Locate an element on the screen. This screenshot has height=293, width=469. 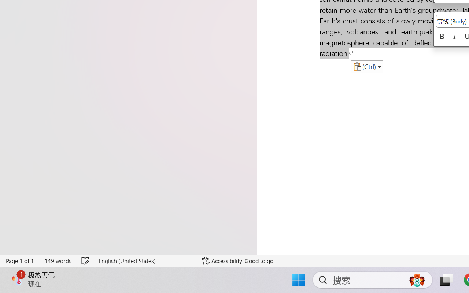
'Italic' is located at coordinates (454, 37).